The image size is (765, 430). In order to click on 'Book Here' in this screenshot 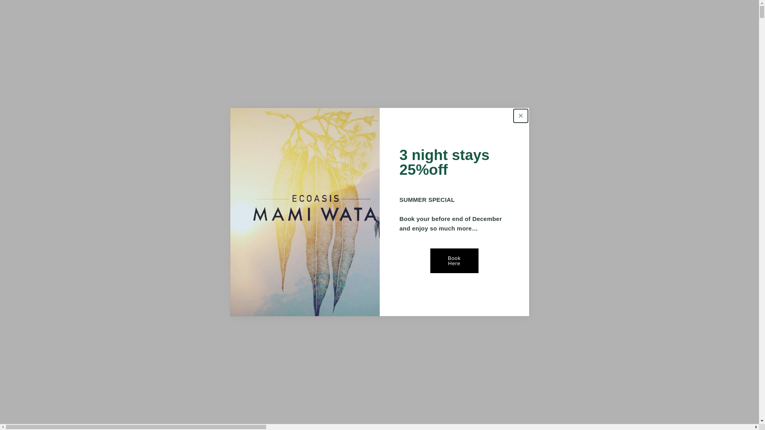, I will do `click(430, 261)`.